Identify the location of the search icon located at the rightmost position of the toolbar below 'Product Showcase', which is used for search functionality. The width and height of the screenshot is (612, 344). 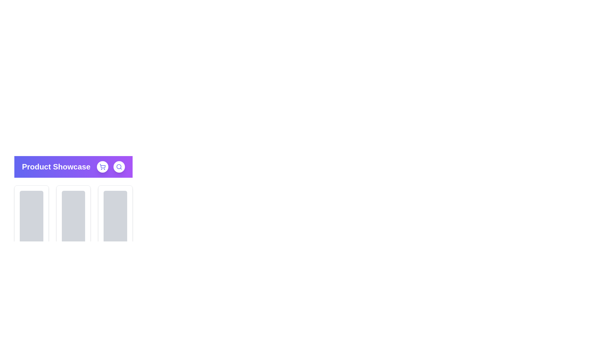
(119, 167).